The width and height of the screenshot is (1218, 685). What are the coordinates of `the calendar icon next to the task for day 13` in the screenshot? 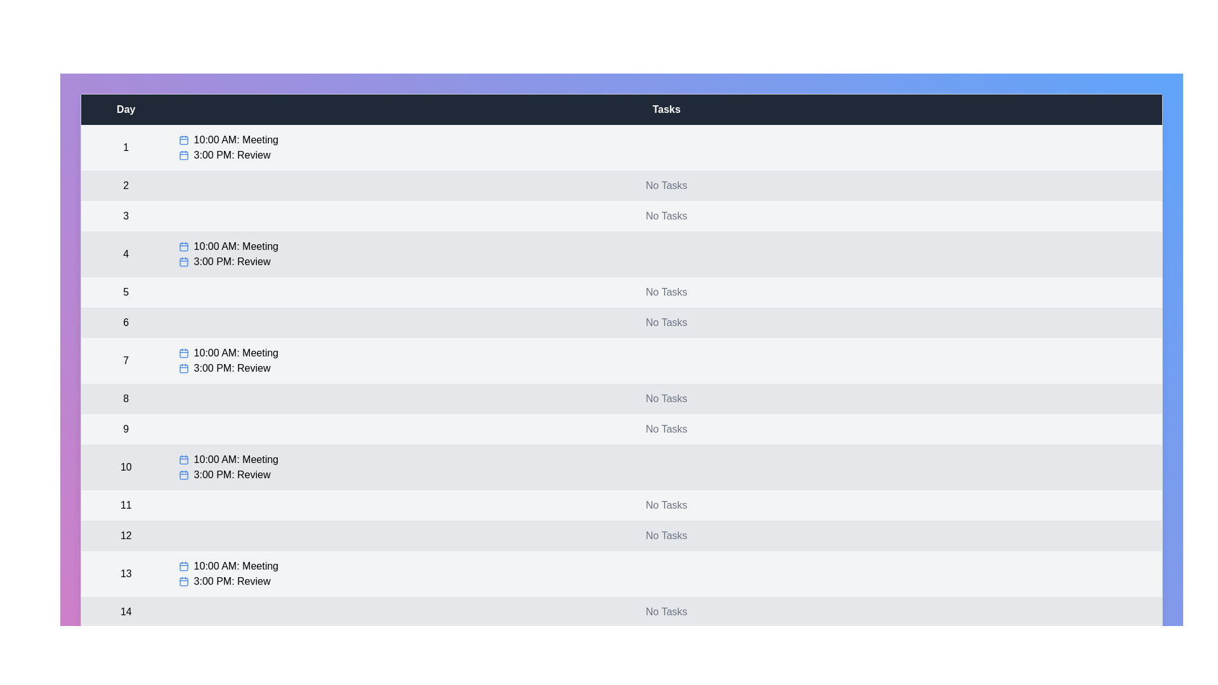 It's located at (182, 566).